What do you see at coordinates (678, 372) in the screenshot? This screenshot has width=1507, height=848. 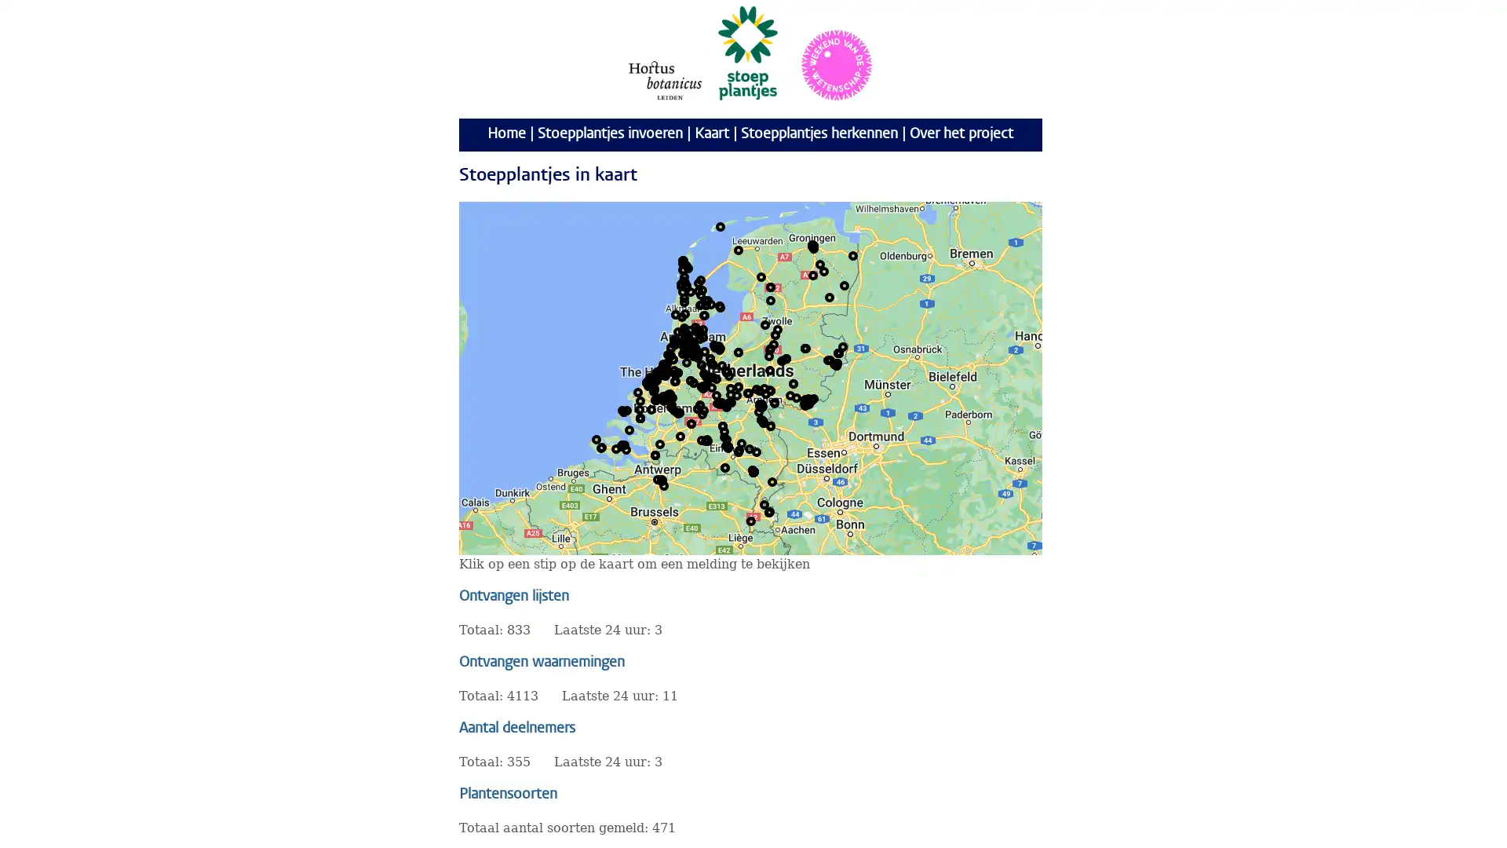 I see `Telling van Elize op 17 maart 2022` at bounding box center [678, 372].